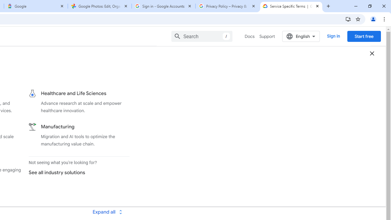 This screenshot has width=391, height=220. I want to click on 'Install Google Cloud', so click(348, 19).